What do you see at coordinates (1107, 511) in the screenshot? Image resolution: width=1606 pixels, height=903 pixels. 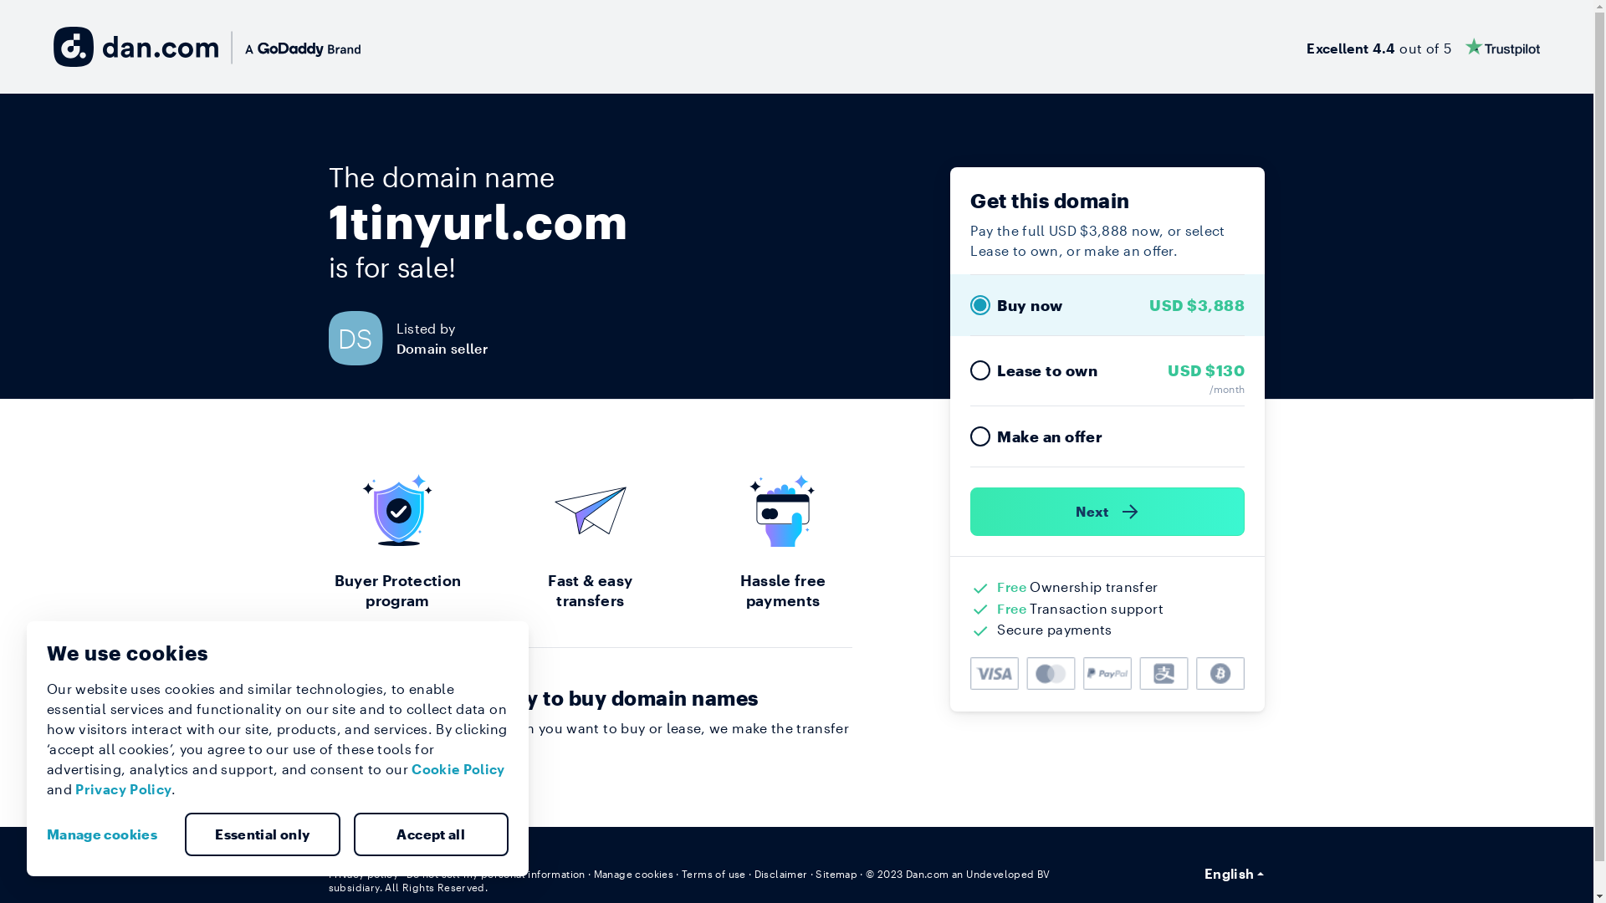 I see `'Next` at bounding box center [1107, 511].